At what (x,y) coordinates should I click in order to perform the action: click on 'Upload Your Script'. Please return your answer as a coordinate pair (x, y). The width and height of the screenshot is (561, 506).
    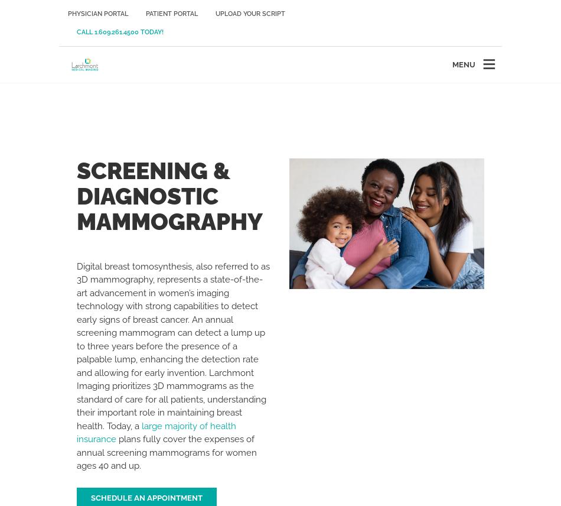
    Looking at the image, I should click on (249, 14).